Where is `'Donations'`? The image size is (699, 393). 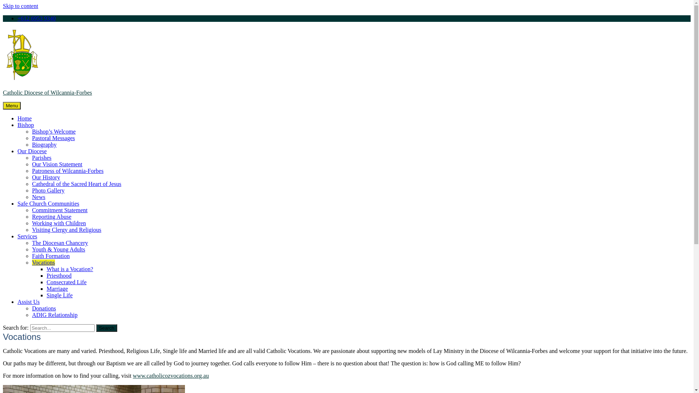
'Donations' is located at coordinates (43, 308).